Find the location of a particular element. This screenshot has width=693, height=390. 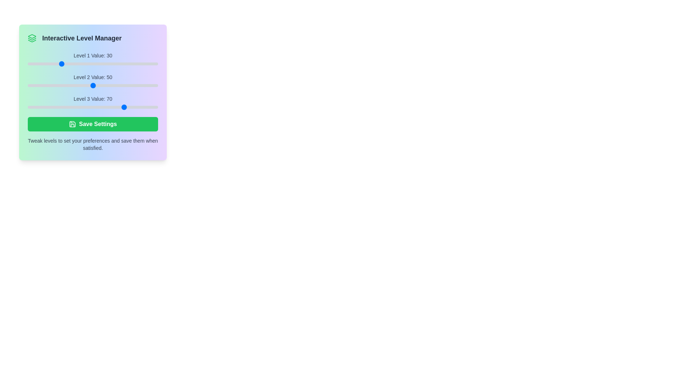

the slider value is located at coordinates (70, 85).